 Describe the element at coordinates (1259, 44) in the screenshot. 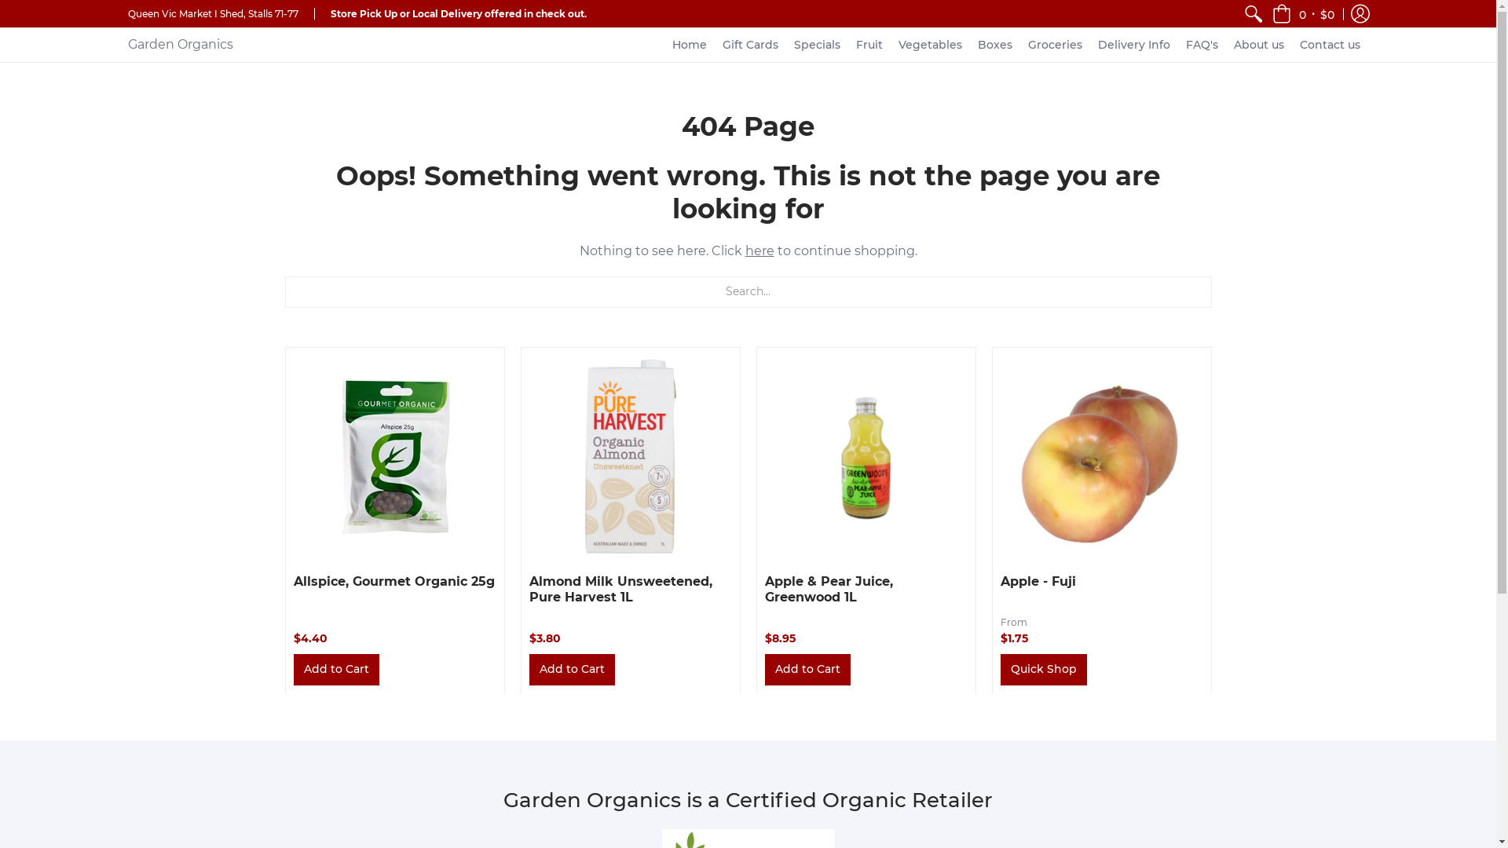

I see `'About us'` at that location.